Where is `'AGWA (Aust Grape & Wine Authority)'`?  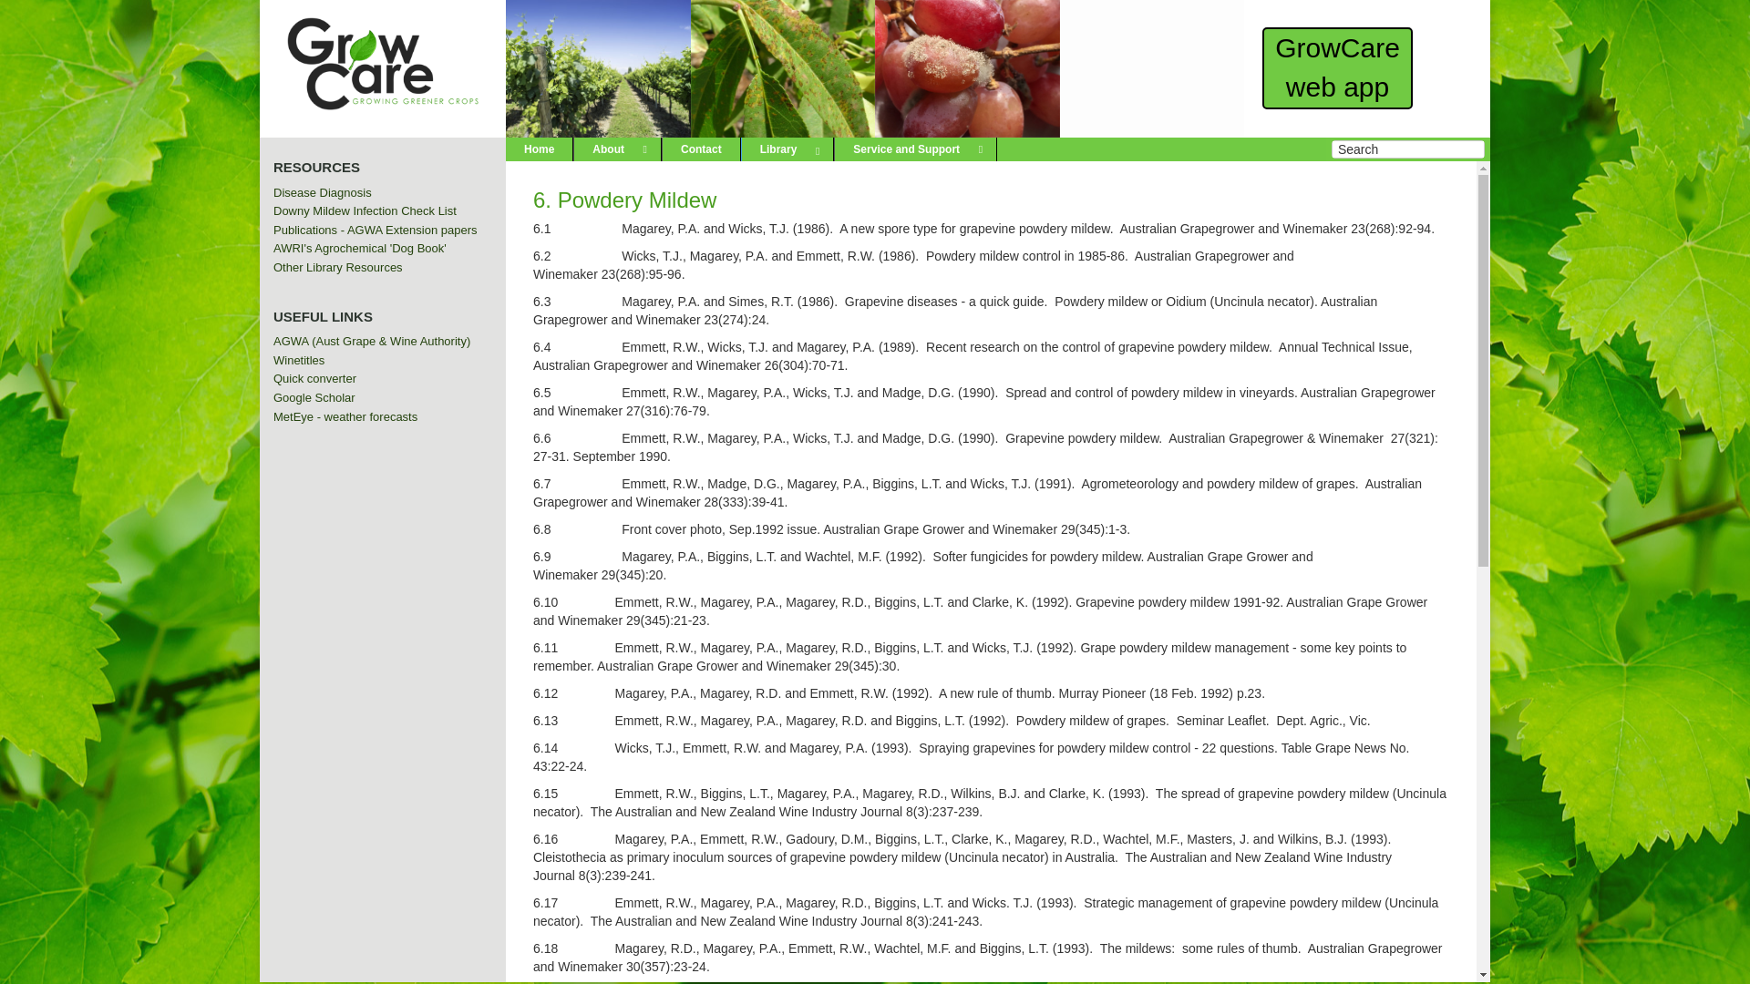
'AGWA (Aust Grape & Wine Authority)' is located at coordinates (371, 341).